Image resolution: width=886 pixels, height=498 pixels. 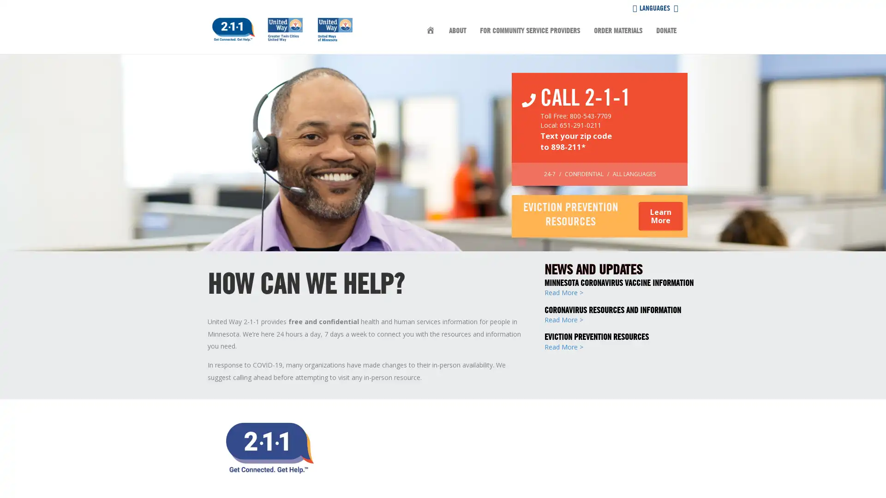 I want to click on Learn More, so click(x=659, y=216).